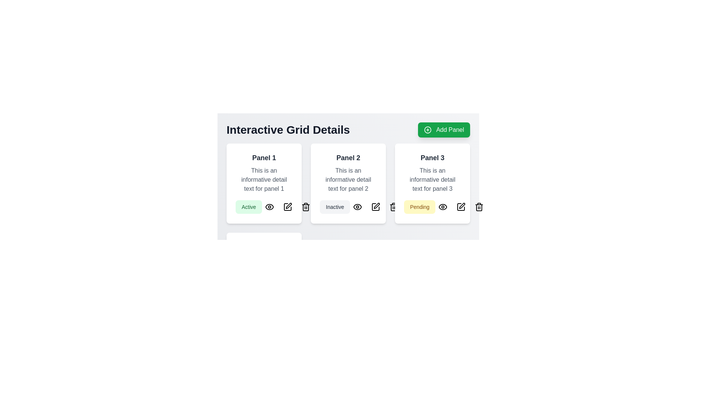 The height and width of the screenshot is (408, 725). I want to click on the Text label that serves as the title for 'Panel 3', which is located at the top center of the card for 'Panel 3', so click(432, 157).